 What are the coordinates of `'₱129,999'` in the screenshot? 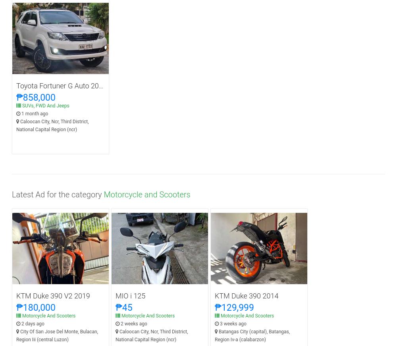 It's located at (234, 307).